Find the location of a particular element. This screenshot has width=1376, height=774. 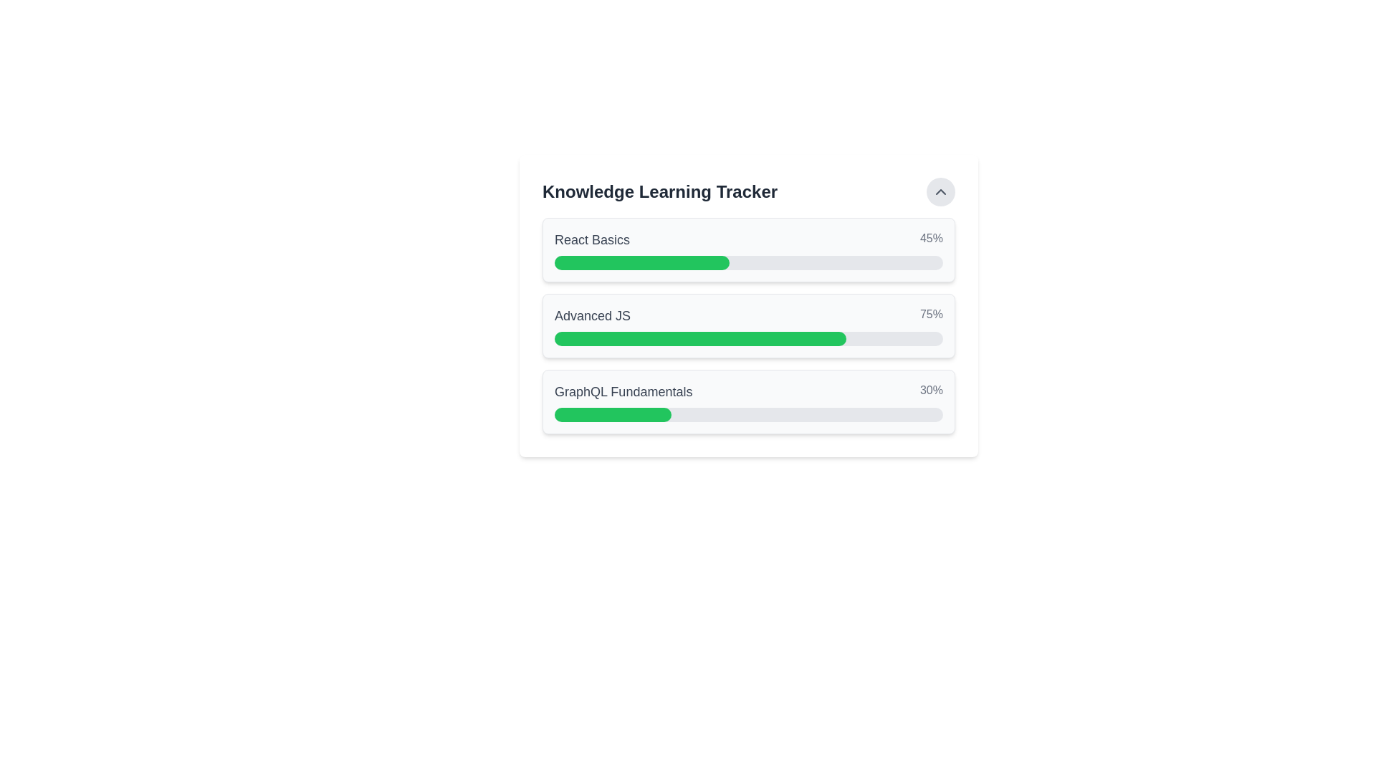

the progress percentage displayed in the central Progress display of the 'Knowledge Learning Tracker' card, which includes labels for courses such as 'React Basics', 'Advanced JS', and 'GraphQL Fundamentals' is located at coordinates (748, 305).